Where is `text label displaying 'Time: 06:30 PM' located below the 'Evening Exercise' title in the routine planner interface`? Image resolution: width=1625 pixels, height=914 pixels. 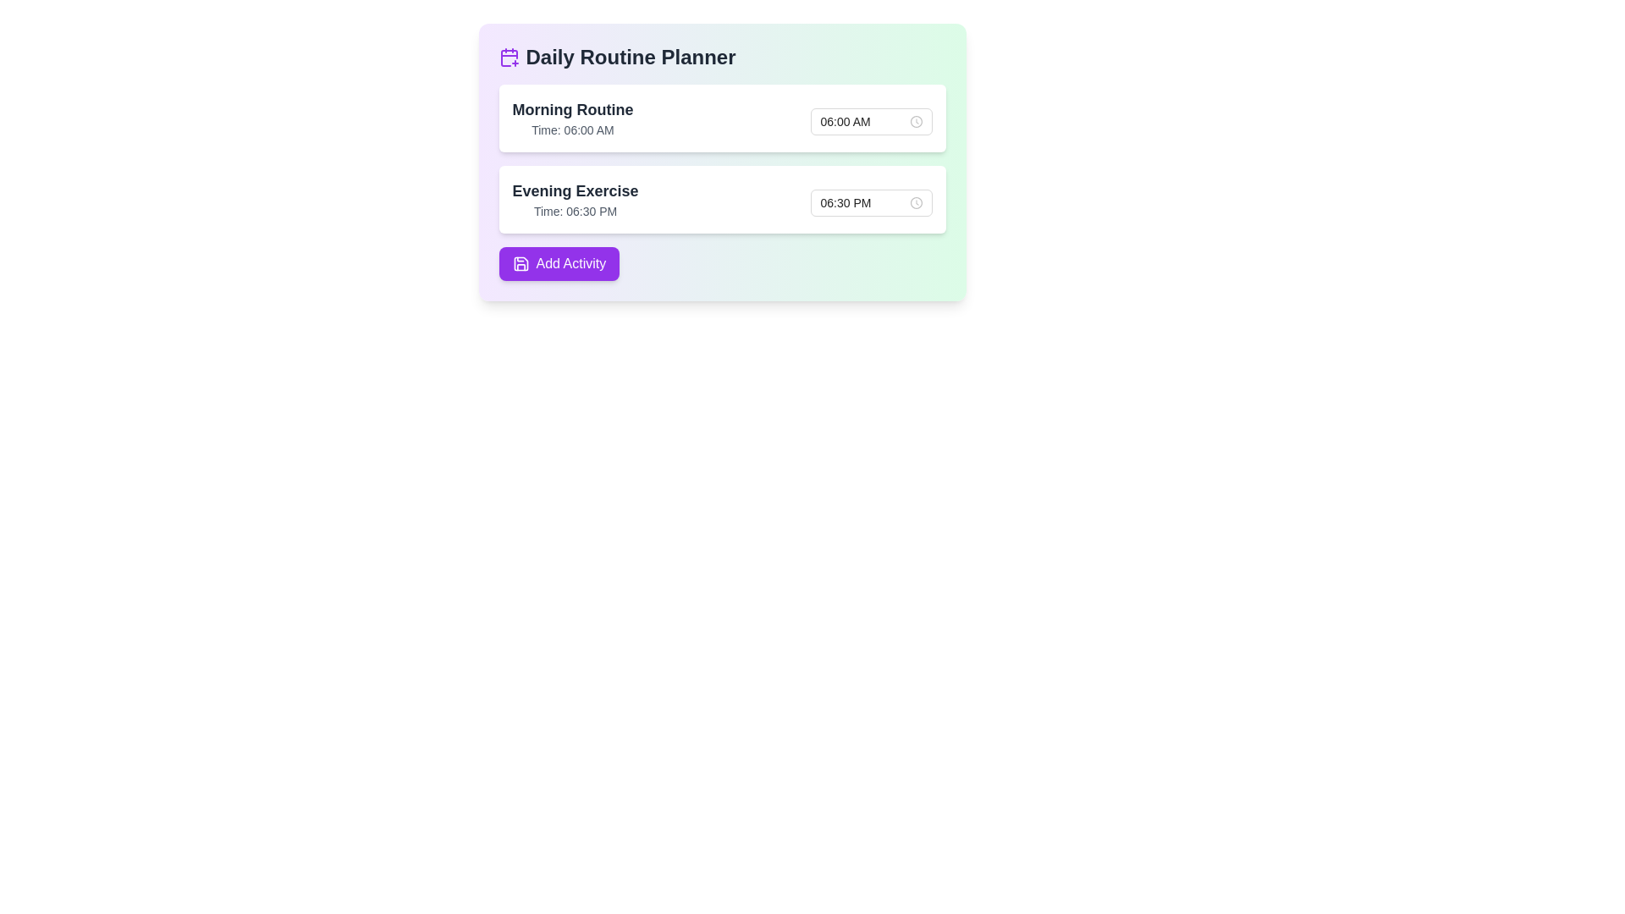 text label displaying 'Time: 06:30 PM' located below the 'Evening Exercise' title in the routine planner interface is located at coordinates (576, 211).